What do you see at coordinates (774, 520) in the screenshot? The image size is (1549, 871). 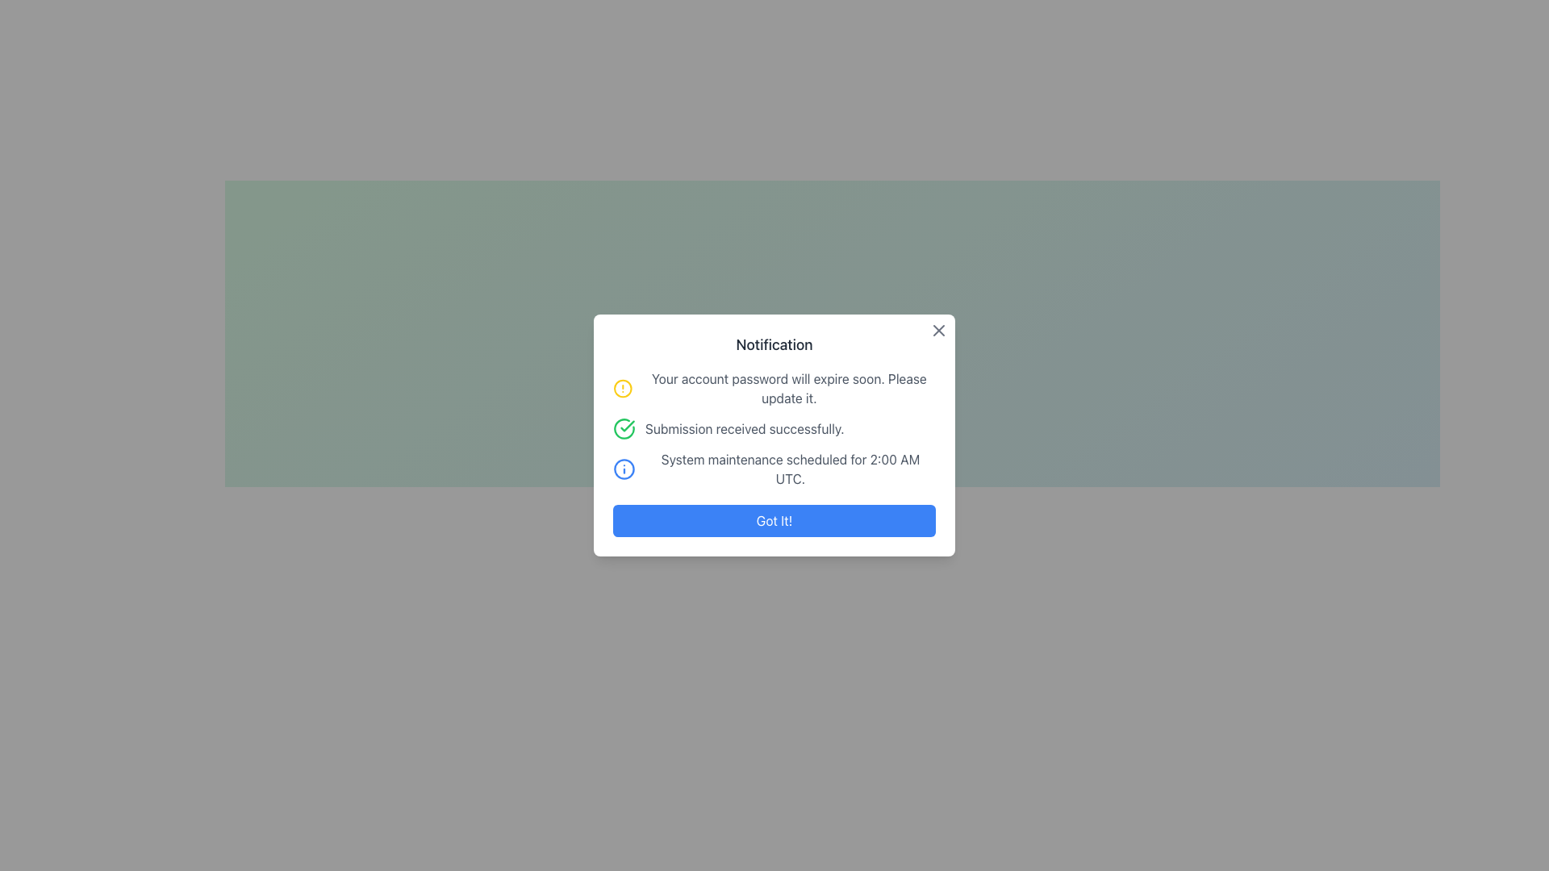 I see `the acknowledgement button located at the bottom of the modal dialog box to acknowledge the message` at bounding box center [774, 520].